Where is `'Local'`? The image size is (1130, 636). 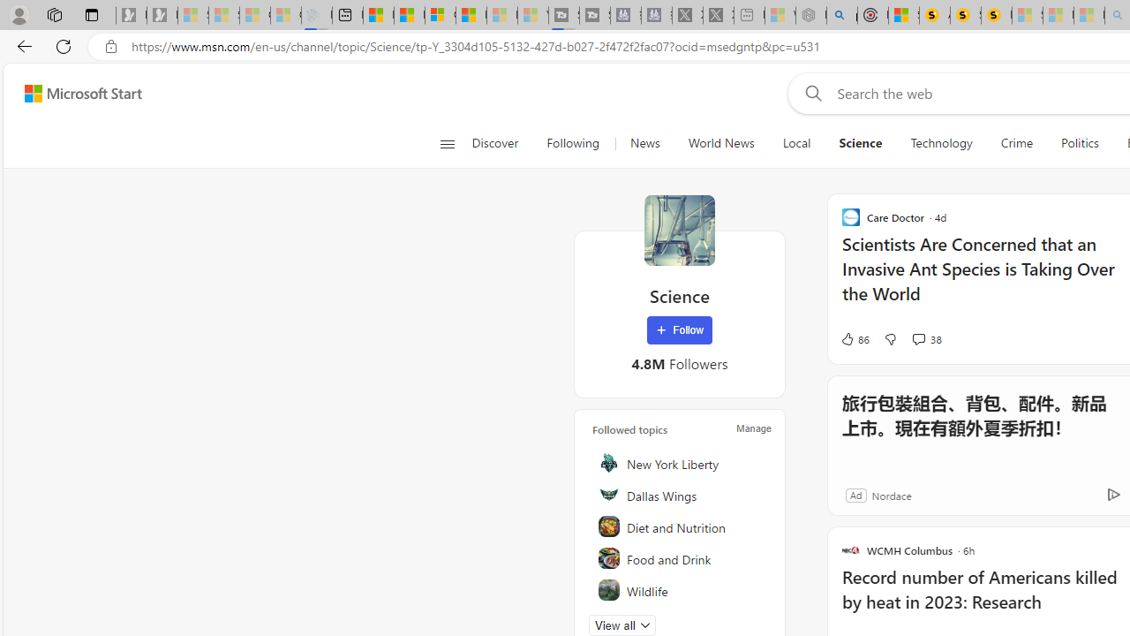 'Local' is located at coordinates (795, 143).